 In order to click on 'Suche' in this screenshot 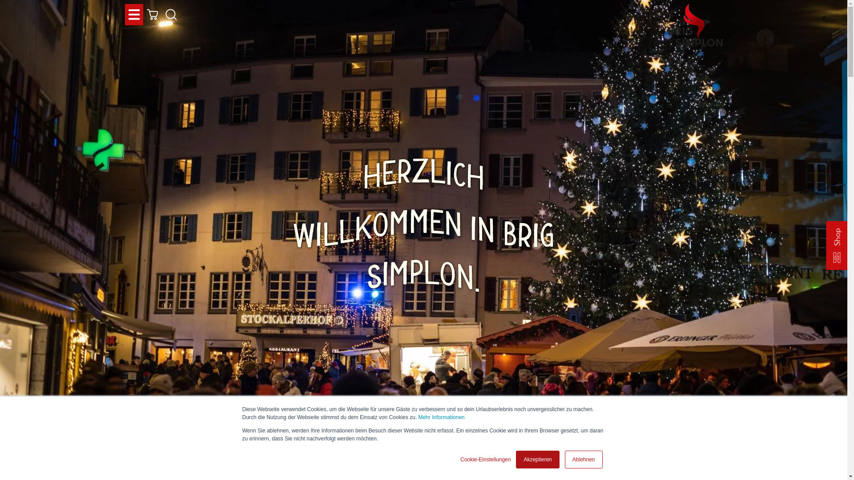, I will do `click(162, 15)`.